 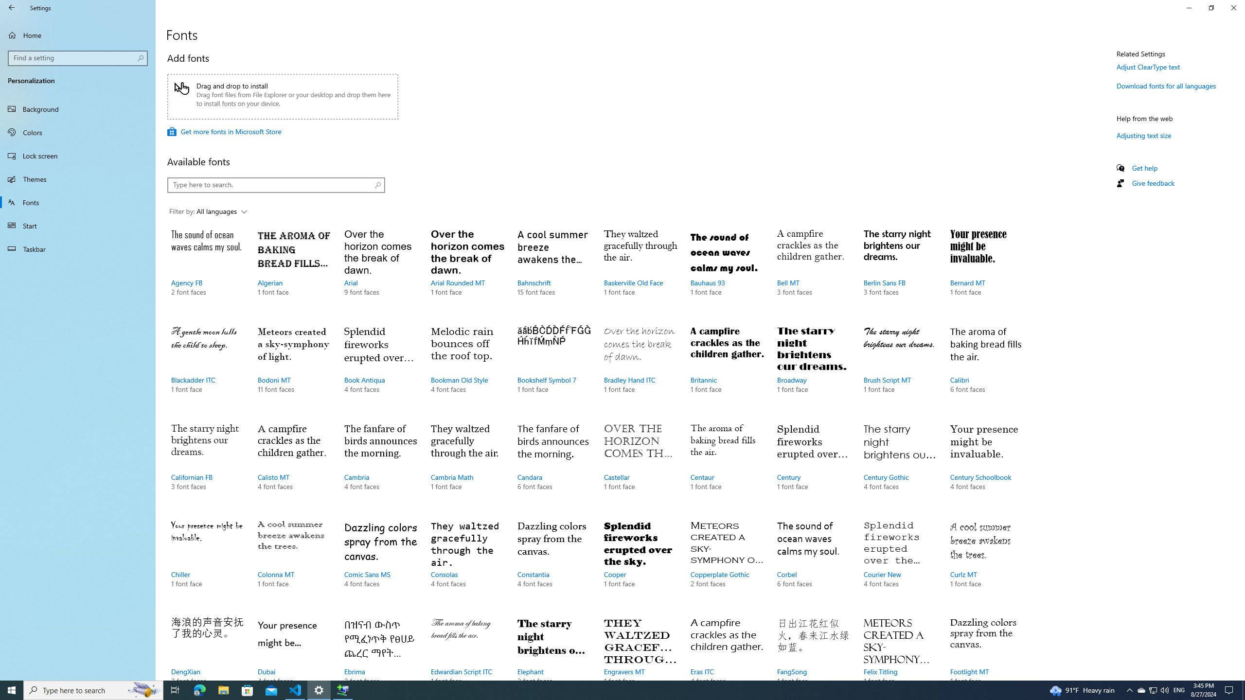 I want to click on 'Cambria, 4 font faces', so click(x=380, y=466).